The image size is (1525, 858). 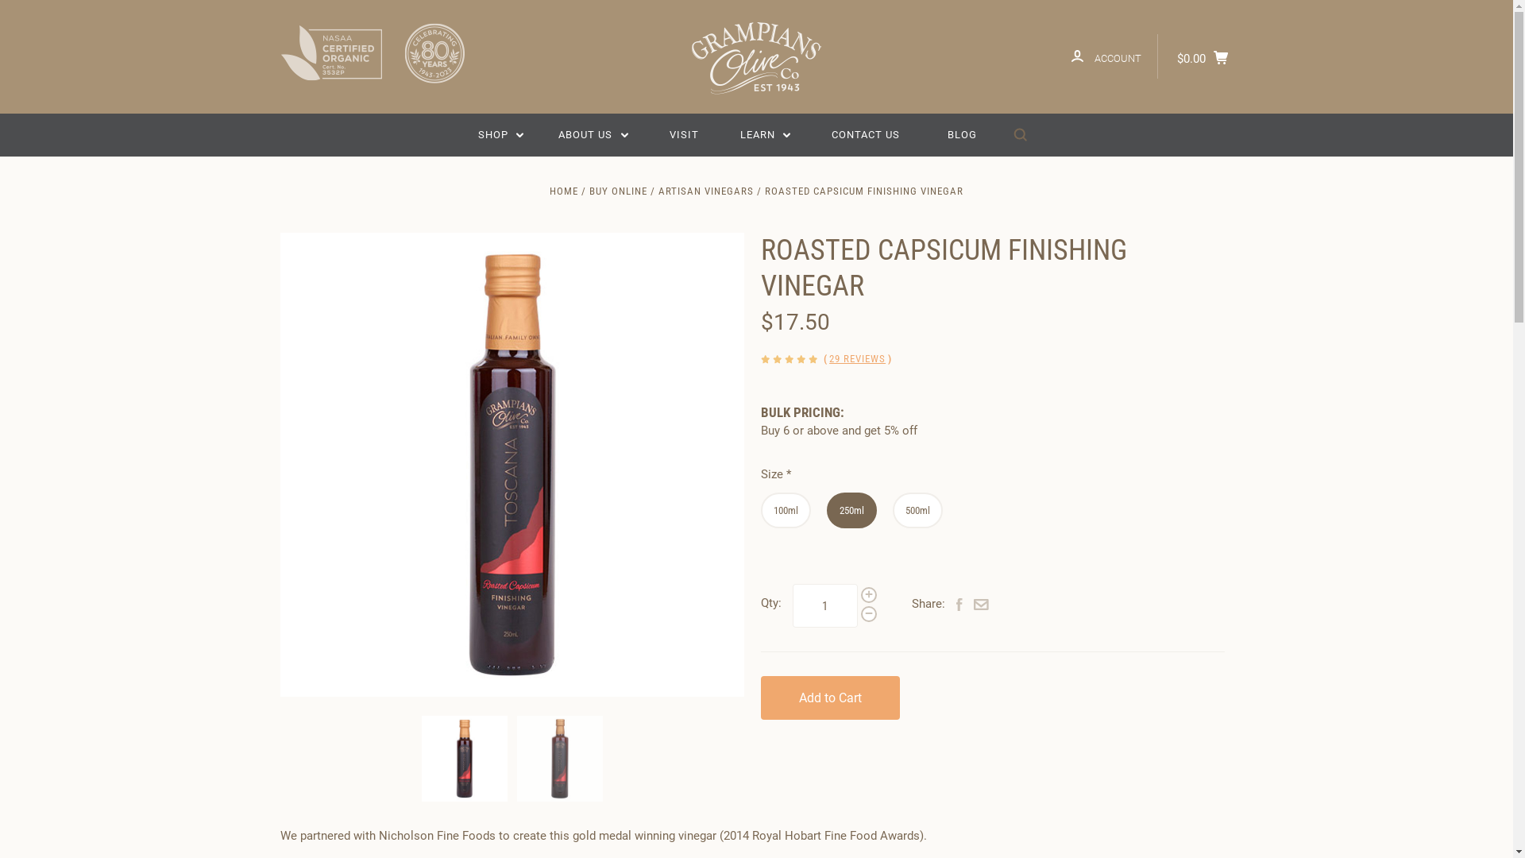 I want to click on 'BLOG', so click(x=961, y=133).